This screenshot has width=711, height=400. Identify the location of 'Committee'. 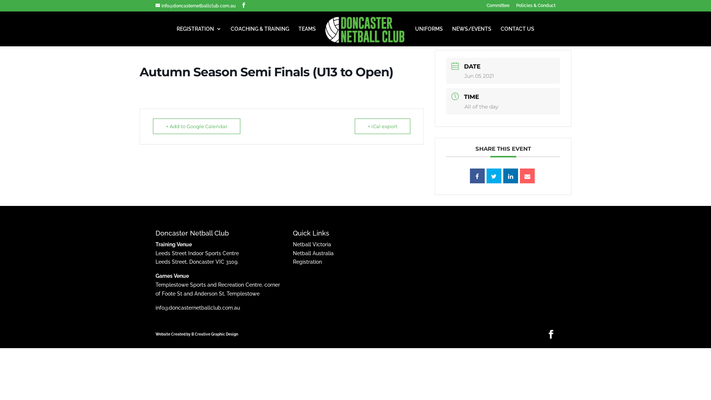
(487, 7).